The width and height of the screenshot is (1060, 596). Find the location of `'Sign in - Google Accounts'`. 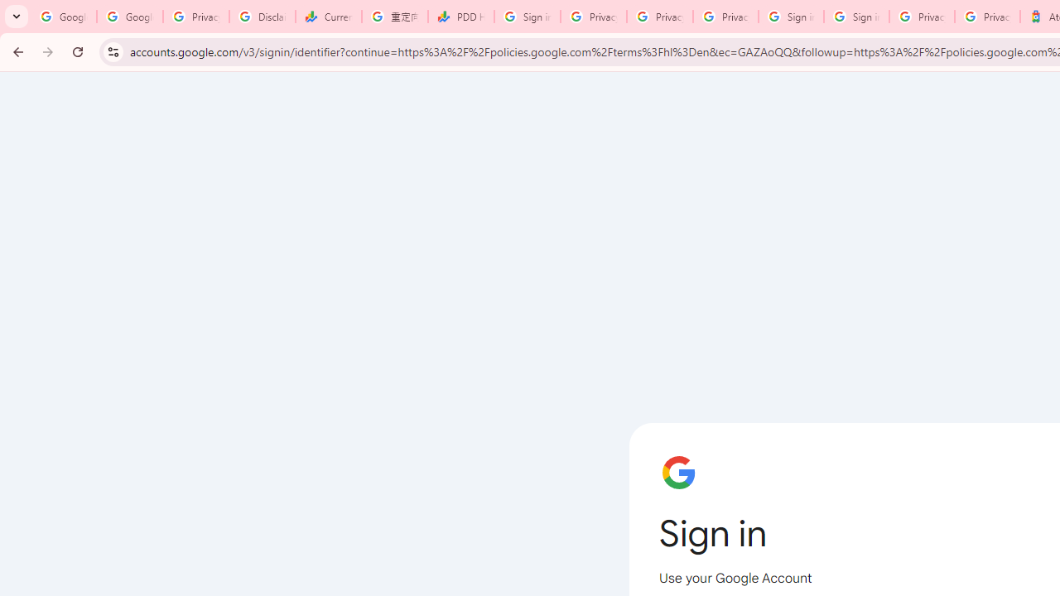

'Sign in - Google Accounts' is located at coordinates (790, 17).